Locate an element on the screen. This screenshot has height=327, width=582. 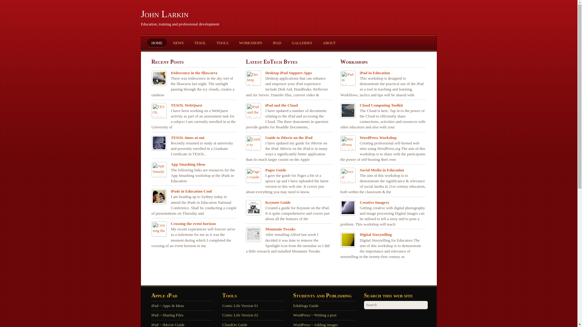
'Pages Guide' is located at coordinates (265, 170).